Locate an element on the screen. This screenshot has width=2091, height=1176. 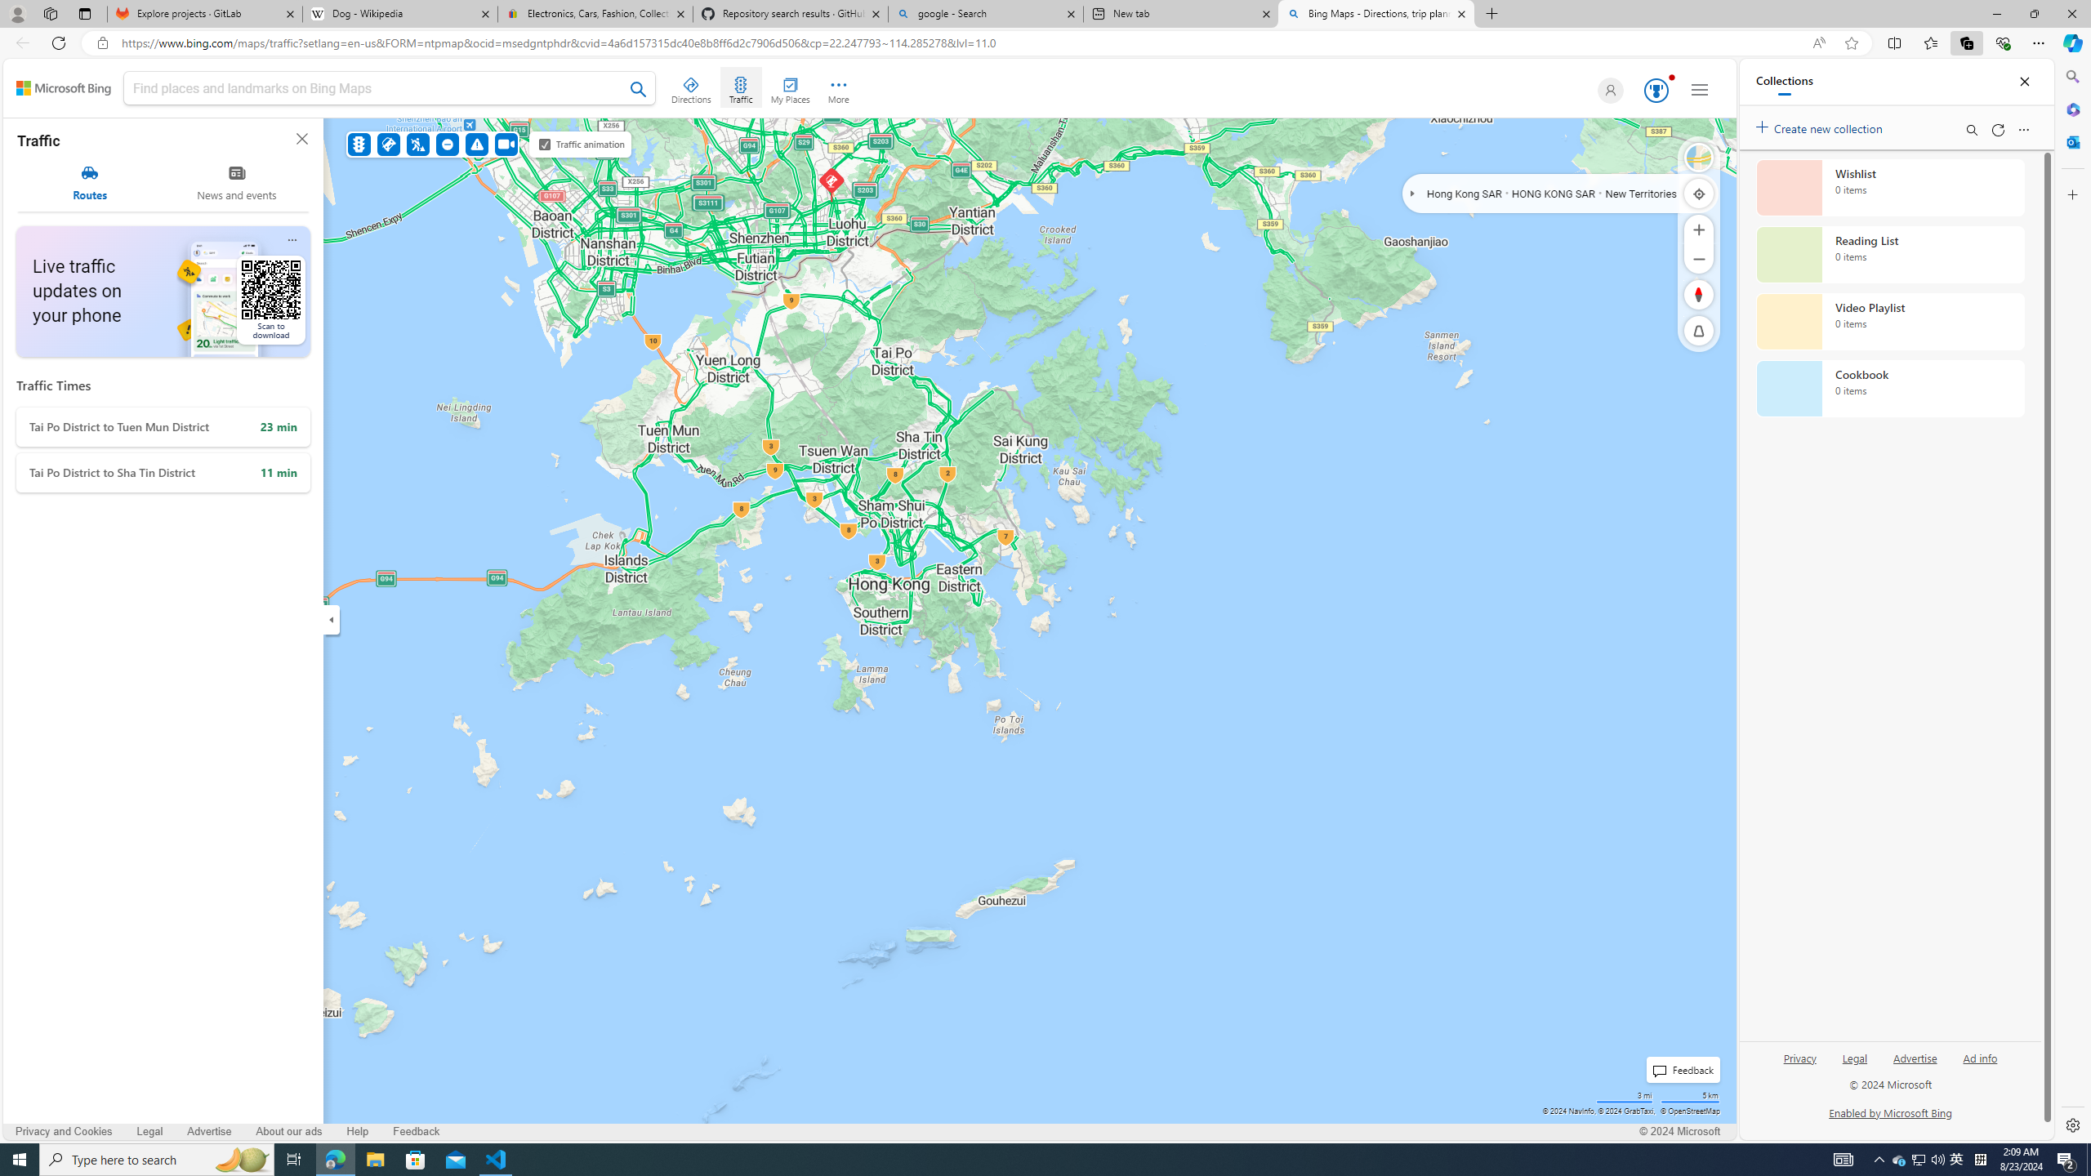
'Expand/Collapse Cards' is located at coordinates (330, 619).